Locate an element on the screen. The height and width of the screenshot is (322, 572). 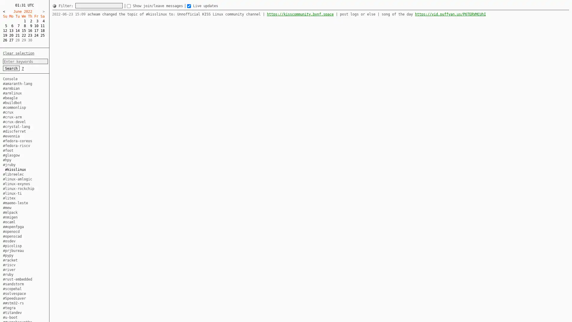
Search is located at coordinates (11, 68).